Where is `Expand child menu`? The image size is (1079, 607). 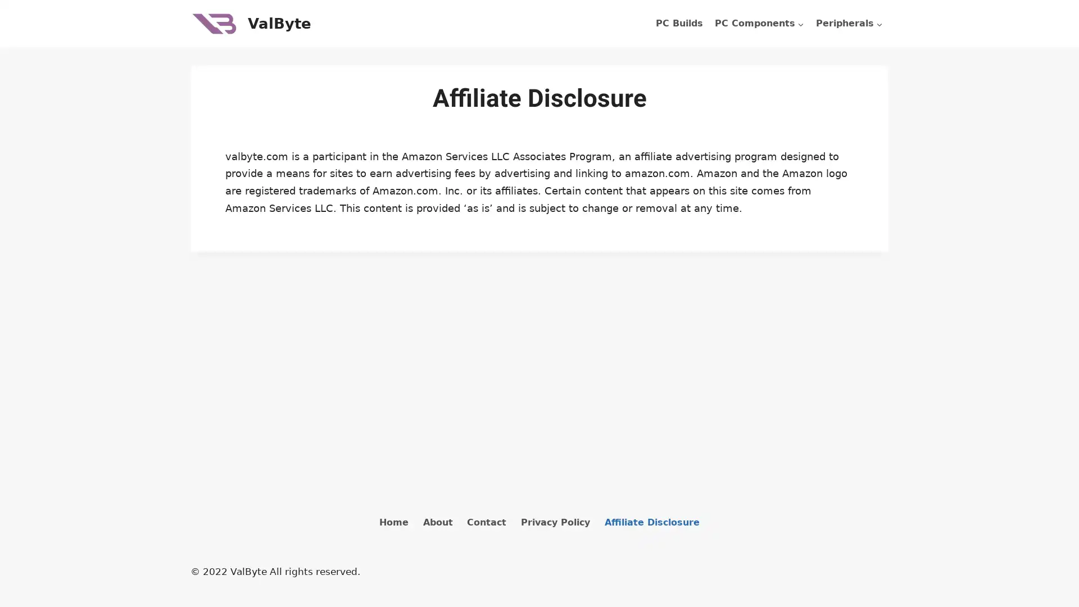 Expand child menu is located at coordinates (849, 24).